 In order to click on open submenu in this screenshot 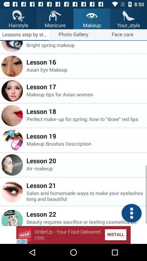, I will do `click(131, 213)`.